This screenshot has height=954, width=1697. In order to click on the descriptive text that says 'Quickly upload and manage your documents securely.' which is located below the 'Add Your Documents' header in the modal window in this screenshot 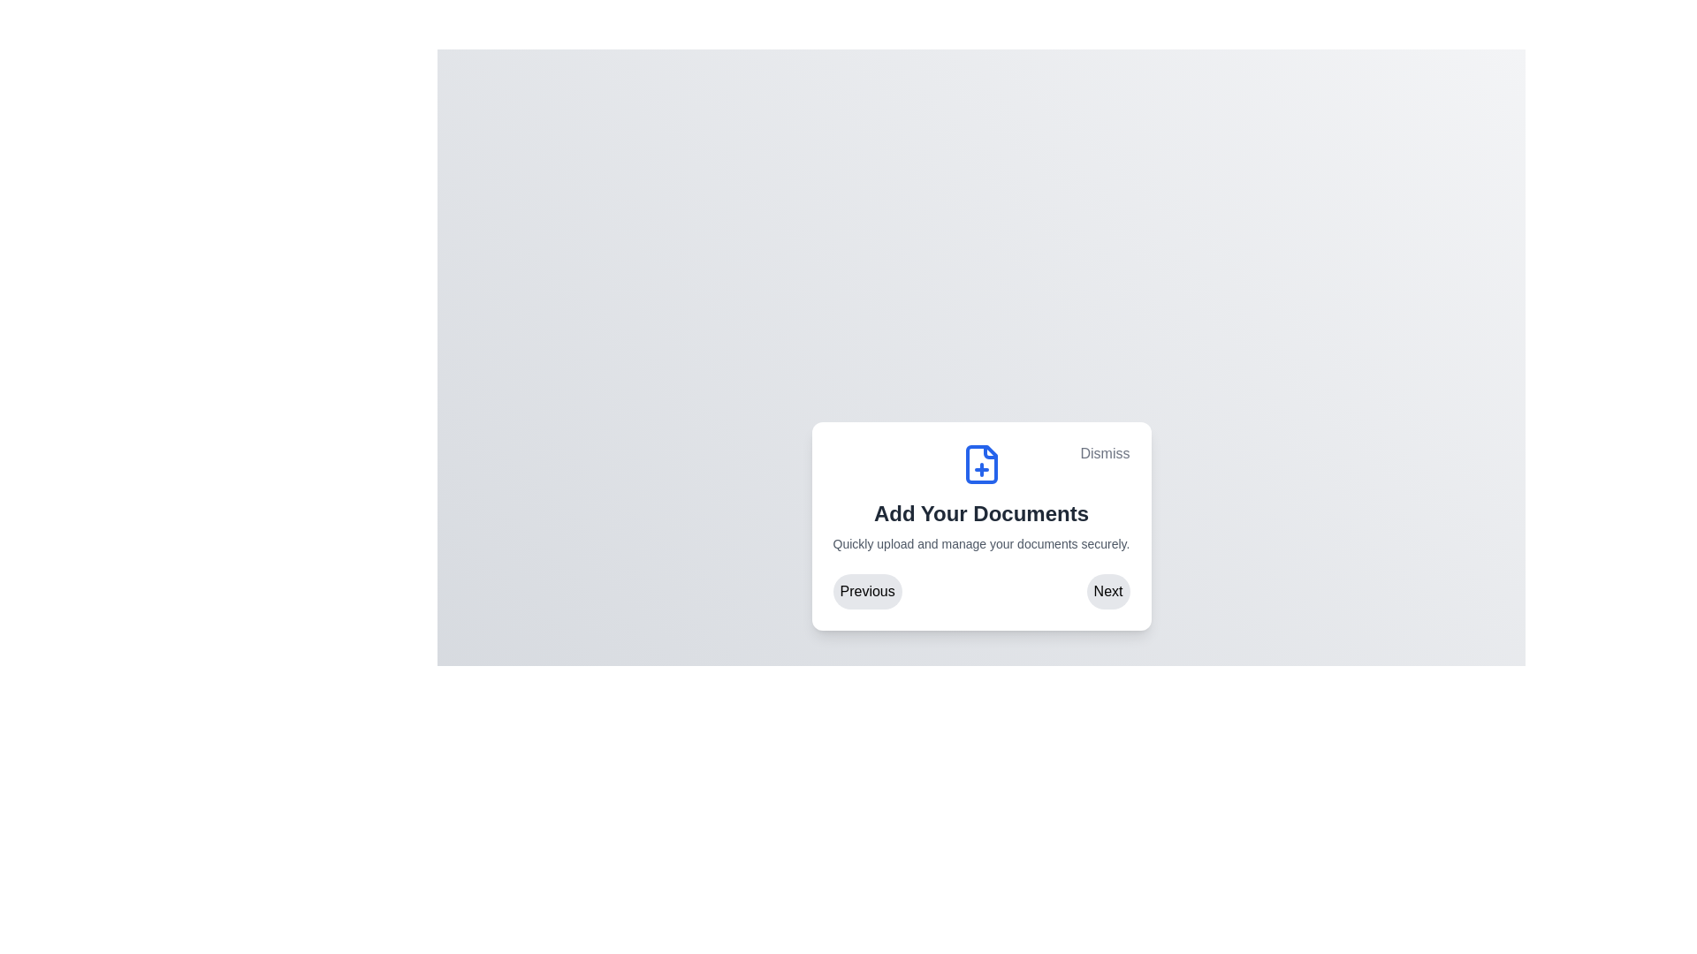, I will do `click(980, 543)`.